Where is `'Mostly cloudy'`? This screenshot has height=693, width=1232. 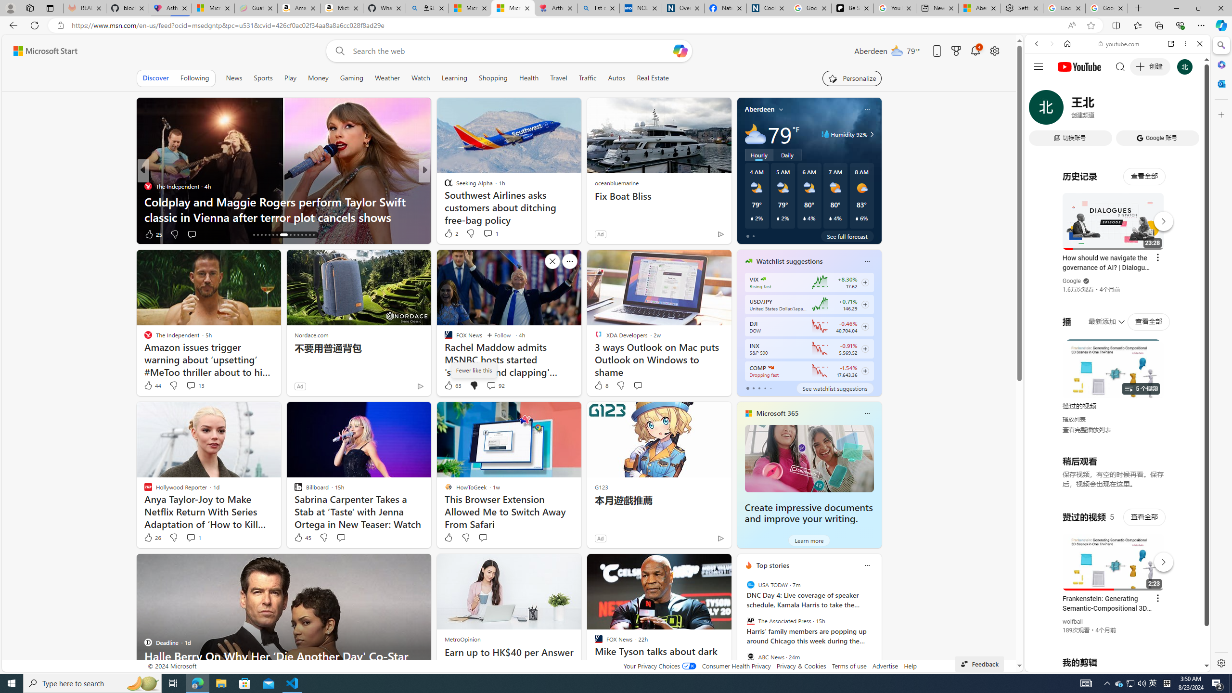 'Mostly cloudy' is located at coordinates (755, 133).